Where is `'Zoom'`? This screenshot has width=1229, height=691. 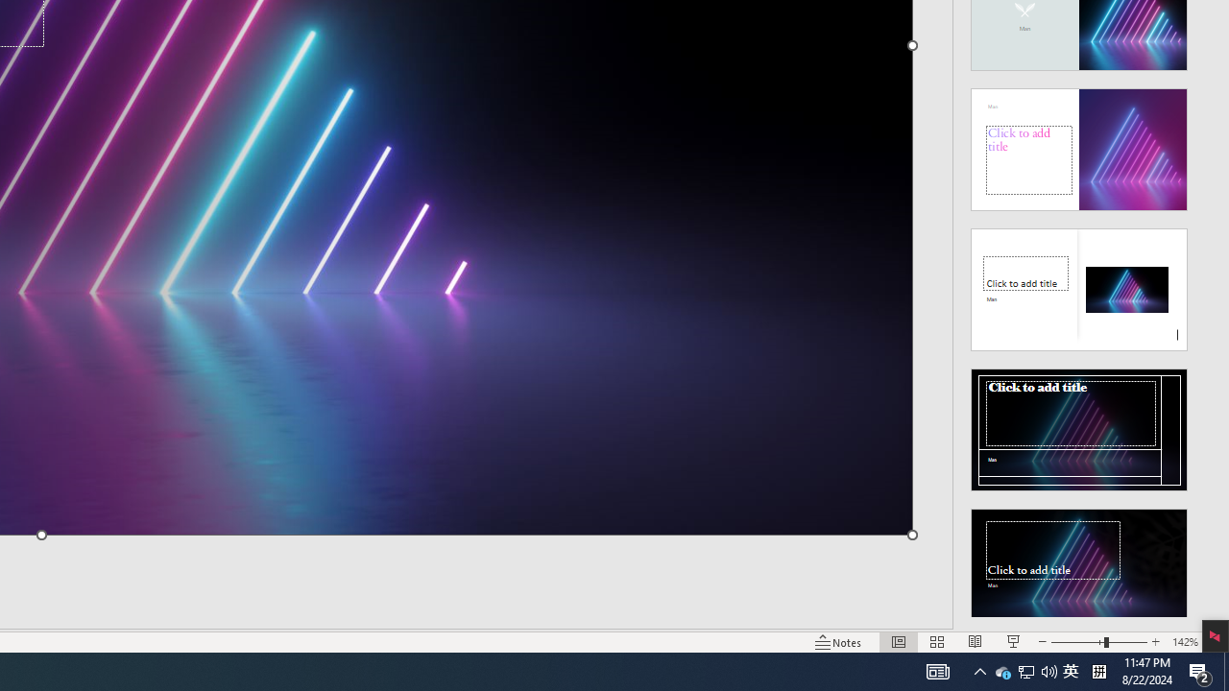
'Zoom' is located at coordinates (1076, 642).